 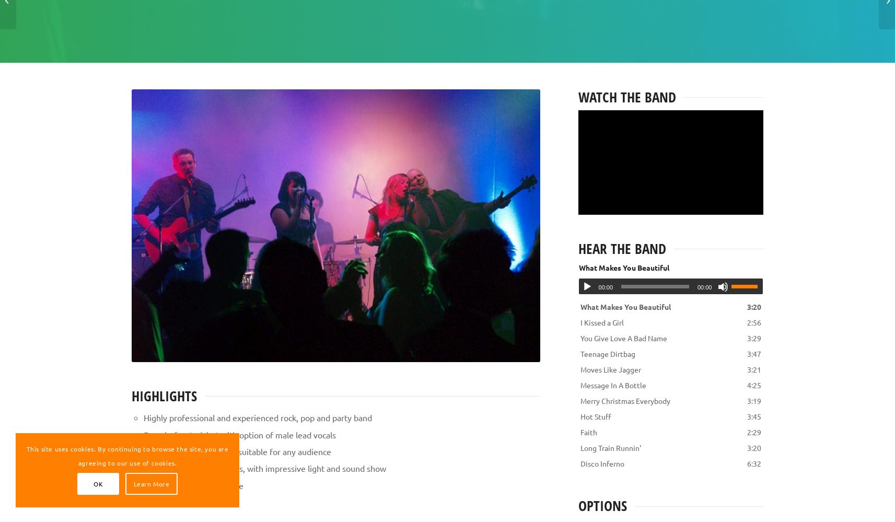 What do you see at coordinates (747, 400) in the screenshot?
I see `'3:19'` at bounding box center [747, 400].